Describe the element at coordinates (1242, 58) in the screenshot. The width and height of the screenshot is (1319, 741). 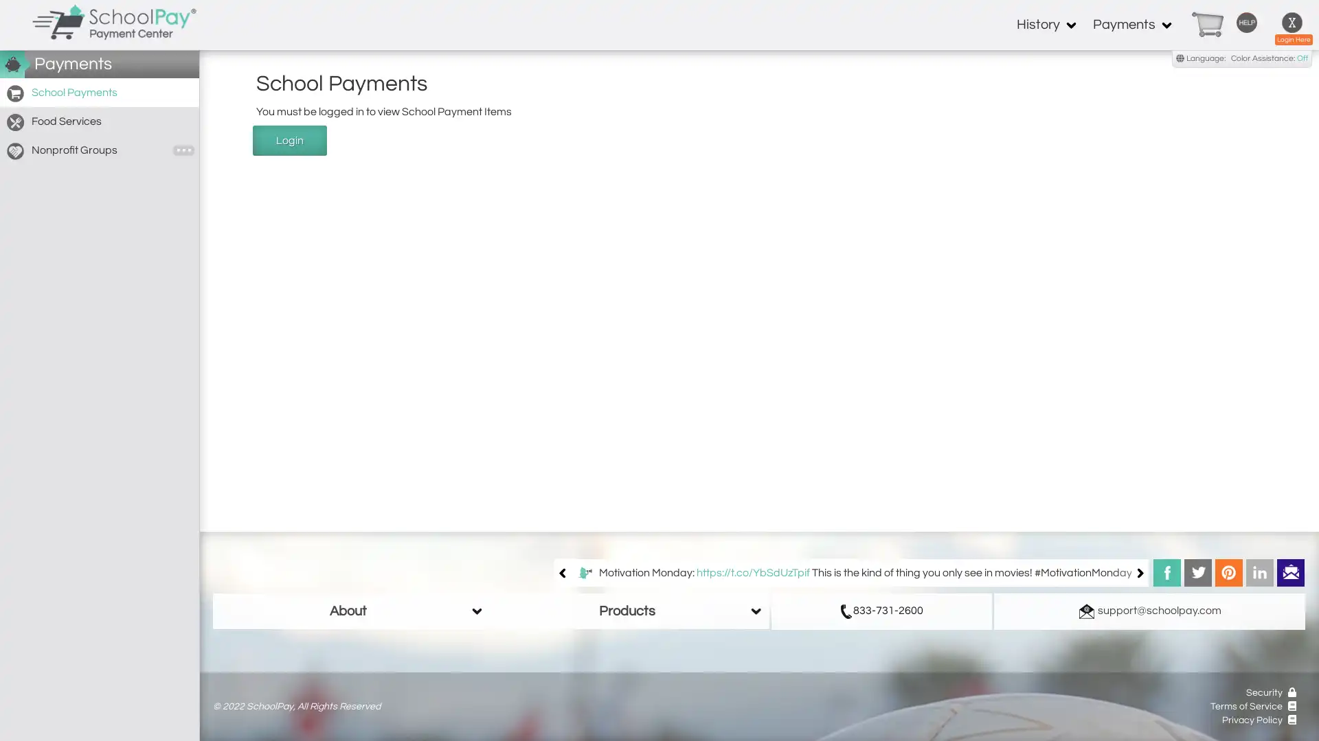
I see `Language:Color Assistance: Off` at that location.